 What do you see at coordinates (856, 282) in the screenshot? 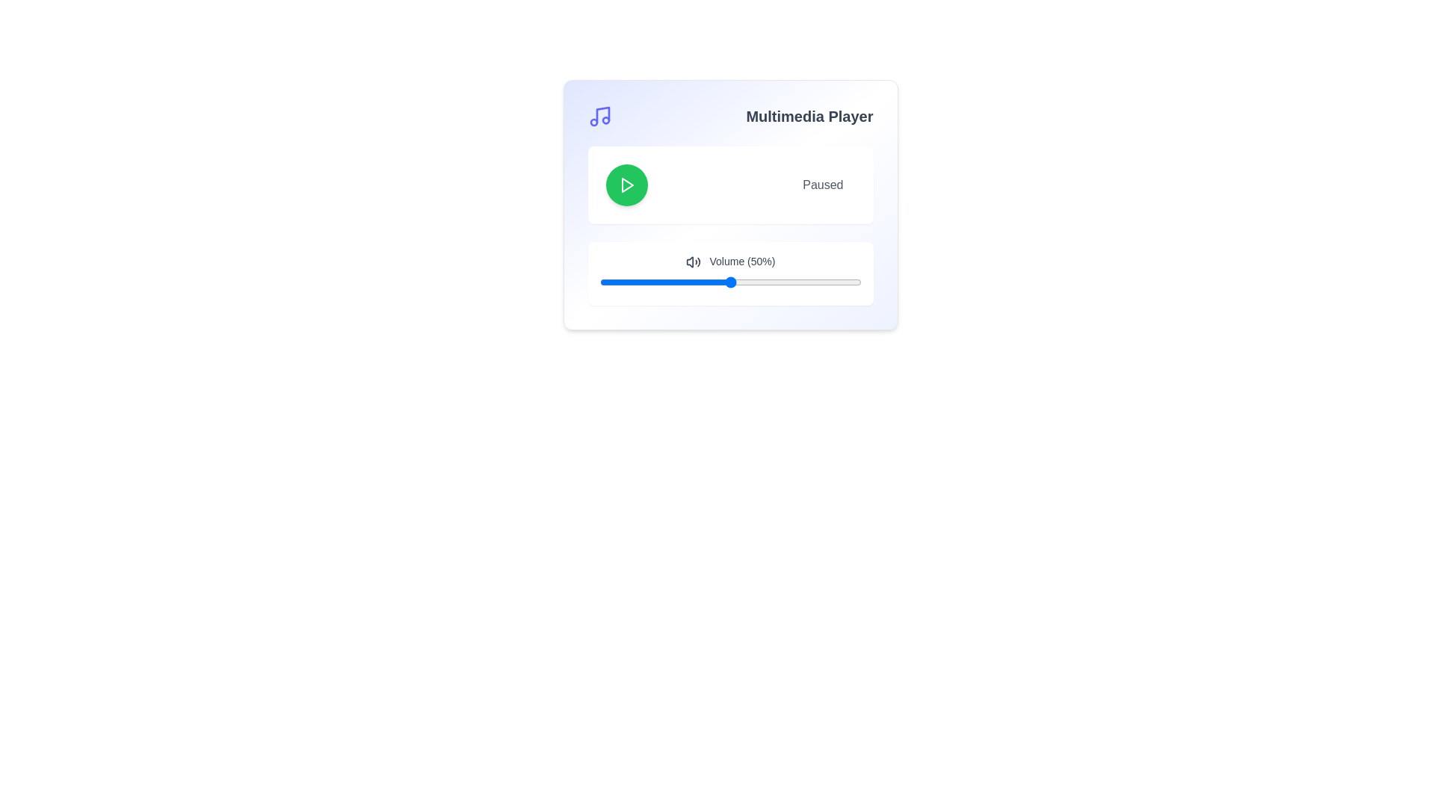
I see `the volume slider` at bounding box center [856, 282].